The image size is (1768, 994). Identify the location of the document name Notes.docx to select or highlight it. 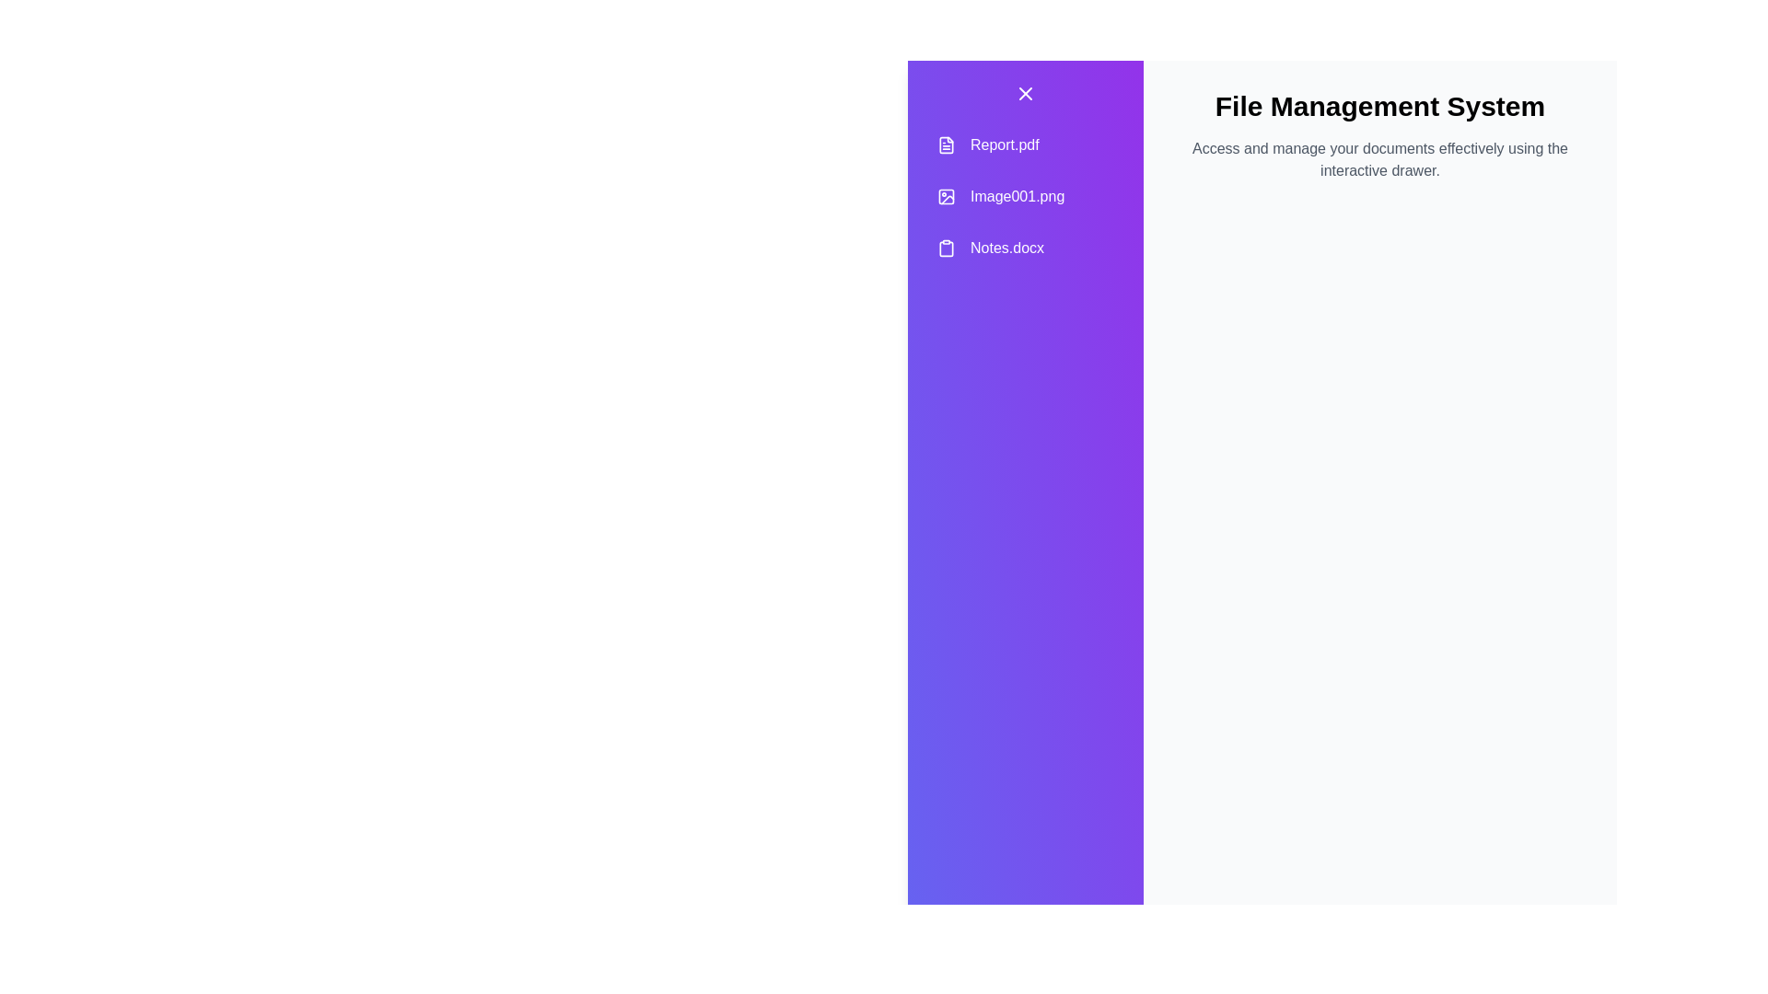
(1024, 248).